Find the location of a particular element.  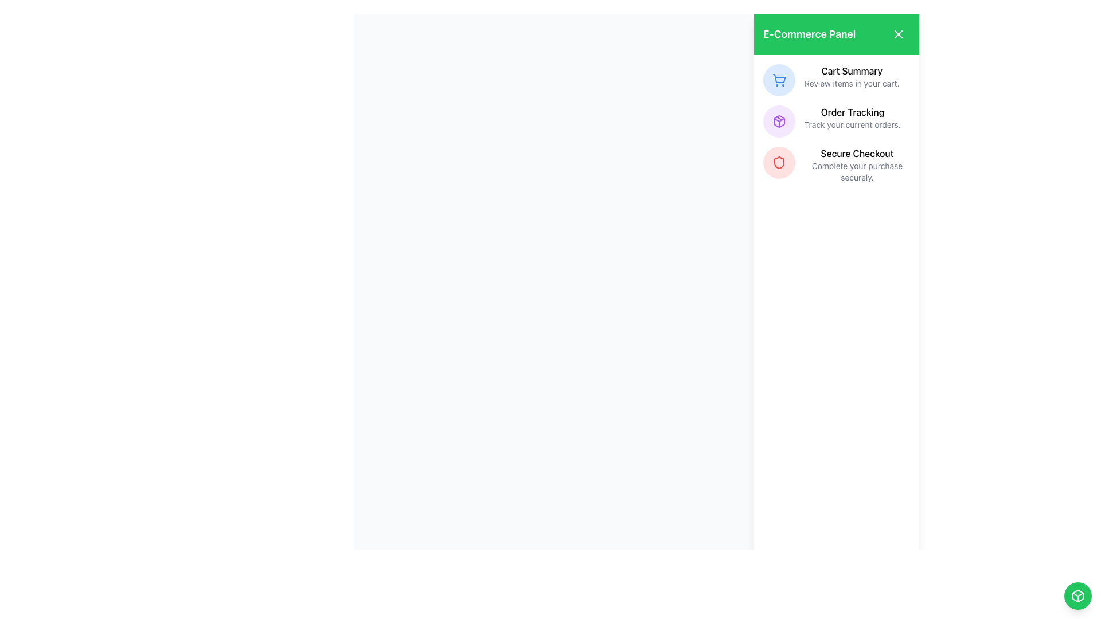

descriptive text below the 'Cart Summary' heading that instructs the user to review items in their cart is located at coordinates (852, 83).